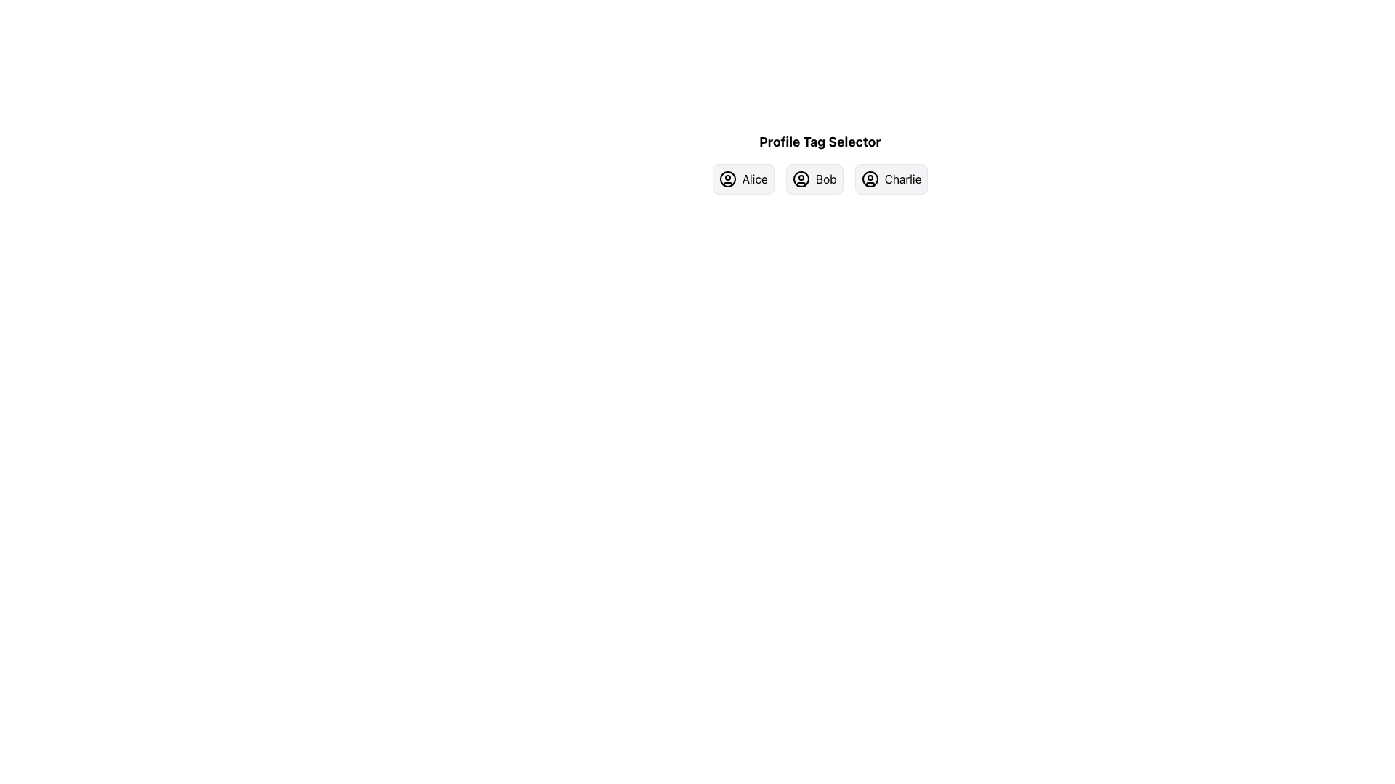  I want to click on the user profile icon, which is a circular icon with a head and shoulders depiction, located to the left of the 'Bob' and 'Charlie' elements in the clickable area labeled 'Alice', so click(727, 178).